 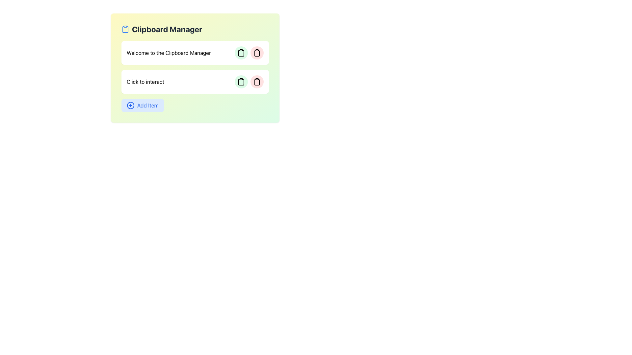 What do you see at coordinates (241, 53) in the screenshot?
I see `the clipboard icon button, which is visually distinct with a green circular background and located on the right side of the first listed item` at bounding box center [241, 53].